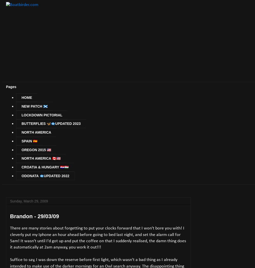  Describe the element at coordinates (34, 106) in the screenshot. I see `'NEW PATCH 🏴󠁧󠁢󠁳󠁣󠁴󠁿'` at that location.